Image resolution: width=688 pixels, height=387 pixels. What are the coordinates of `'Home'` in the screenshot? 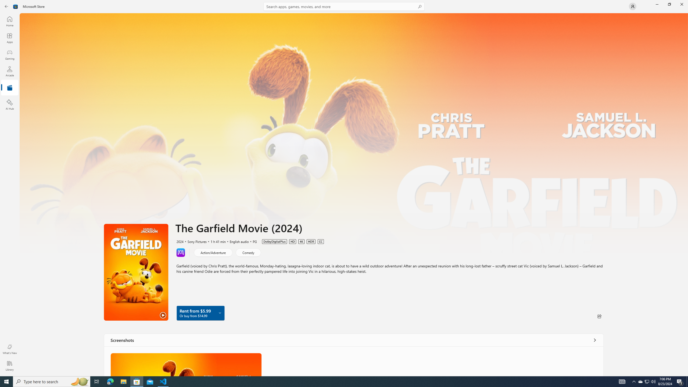 It's located at (9, 21).